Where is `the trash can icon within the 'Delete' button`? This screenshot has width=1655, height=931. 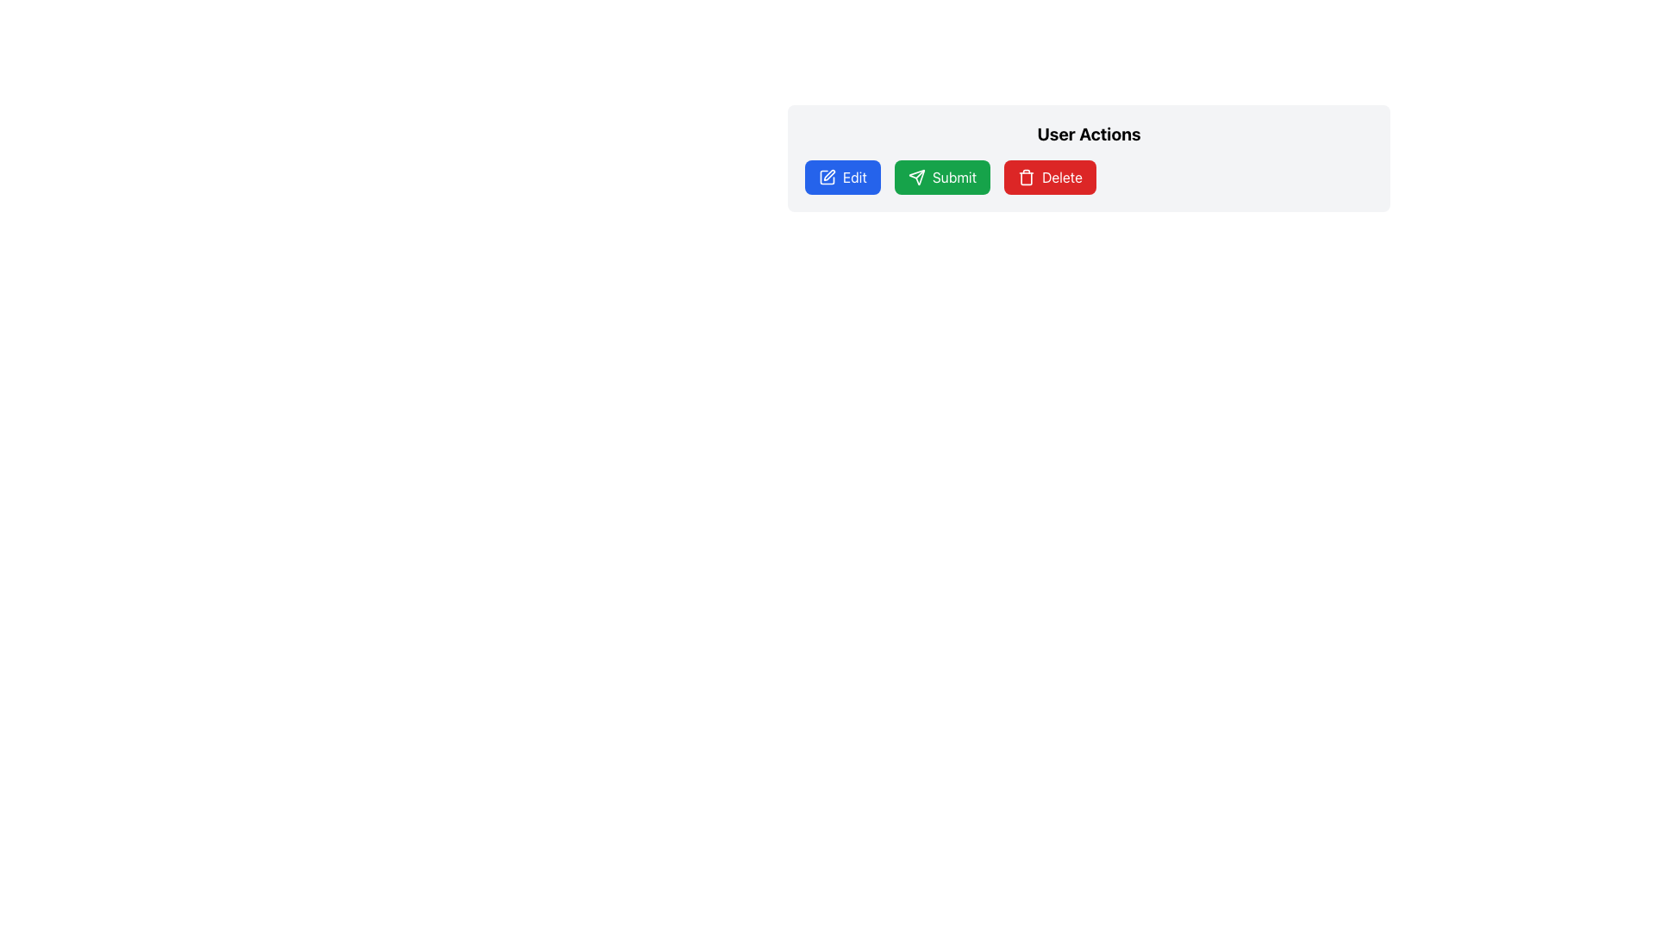
the trash can icon within the 'Delete' button is located at coordinates (1026, 177).